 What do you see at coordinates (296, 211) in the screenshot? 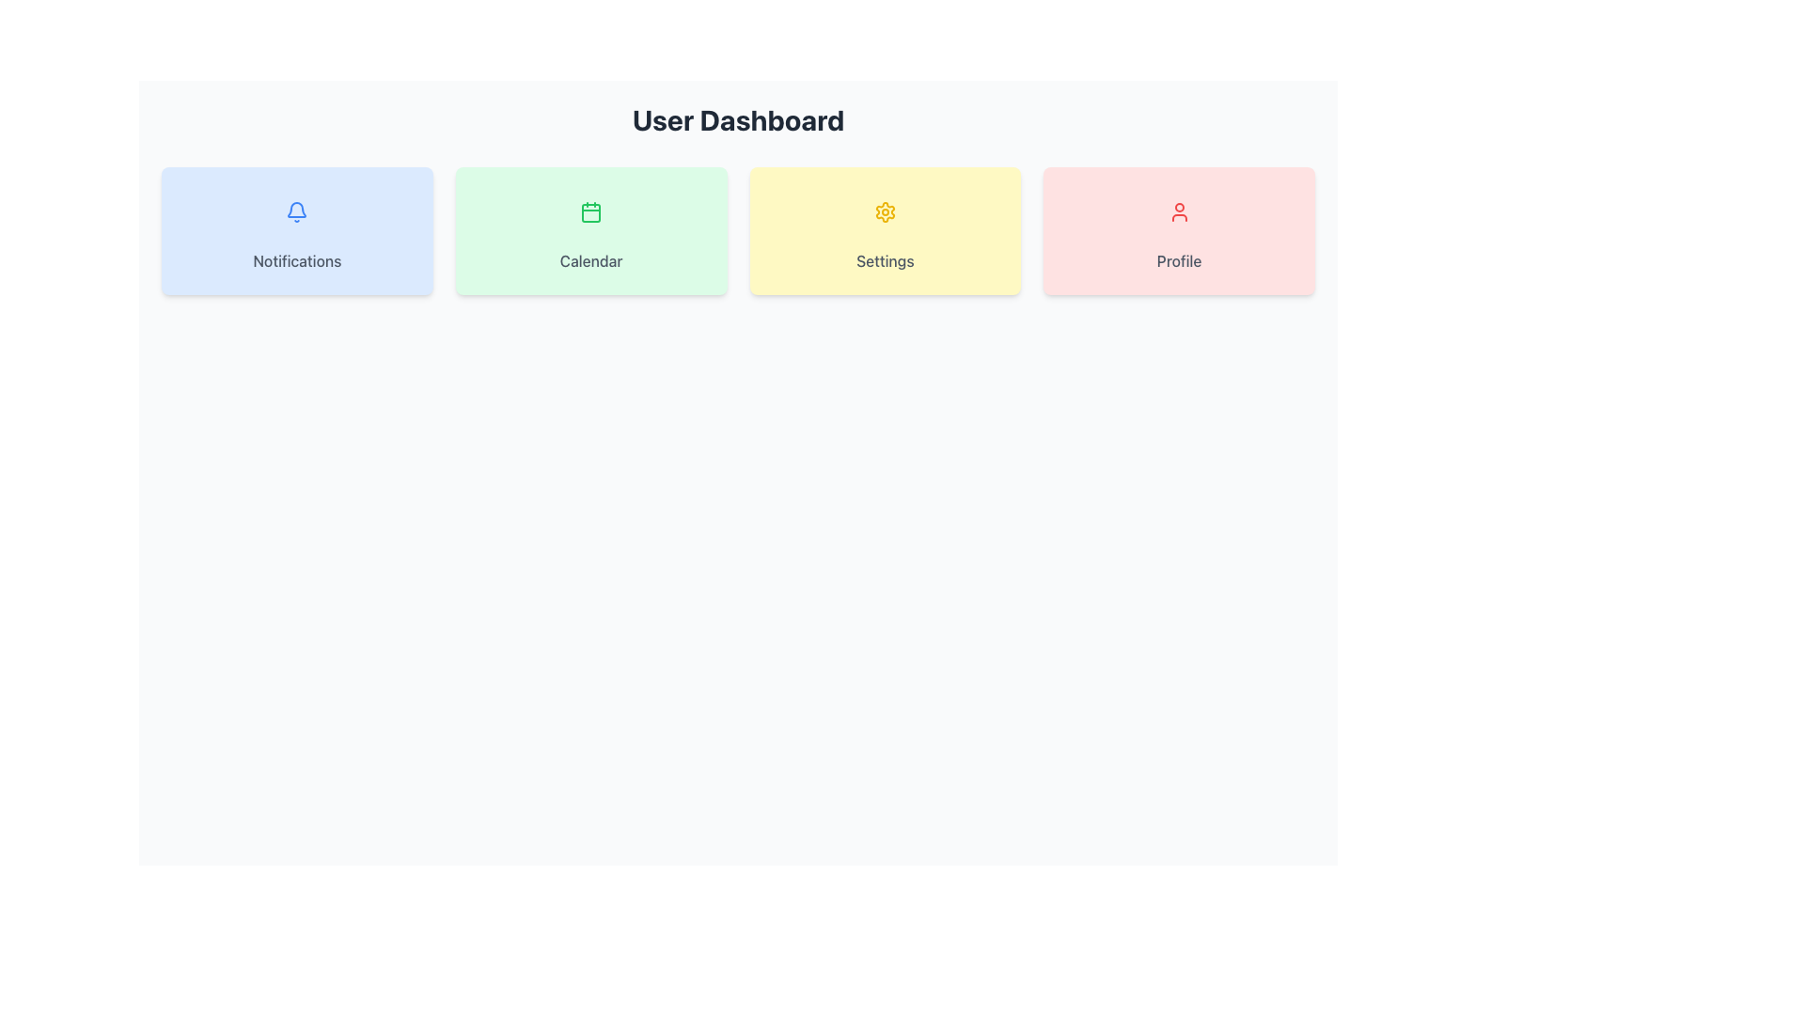
I see `the notification icon located at the top of the 'Notifications' panel` at bounding box center [296, 211].